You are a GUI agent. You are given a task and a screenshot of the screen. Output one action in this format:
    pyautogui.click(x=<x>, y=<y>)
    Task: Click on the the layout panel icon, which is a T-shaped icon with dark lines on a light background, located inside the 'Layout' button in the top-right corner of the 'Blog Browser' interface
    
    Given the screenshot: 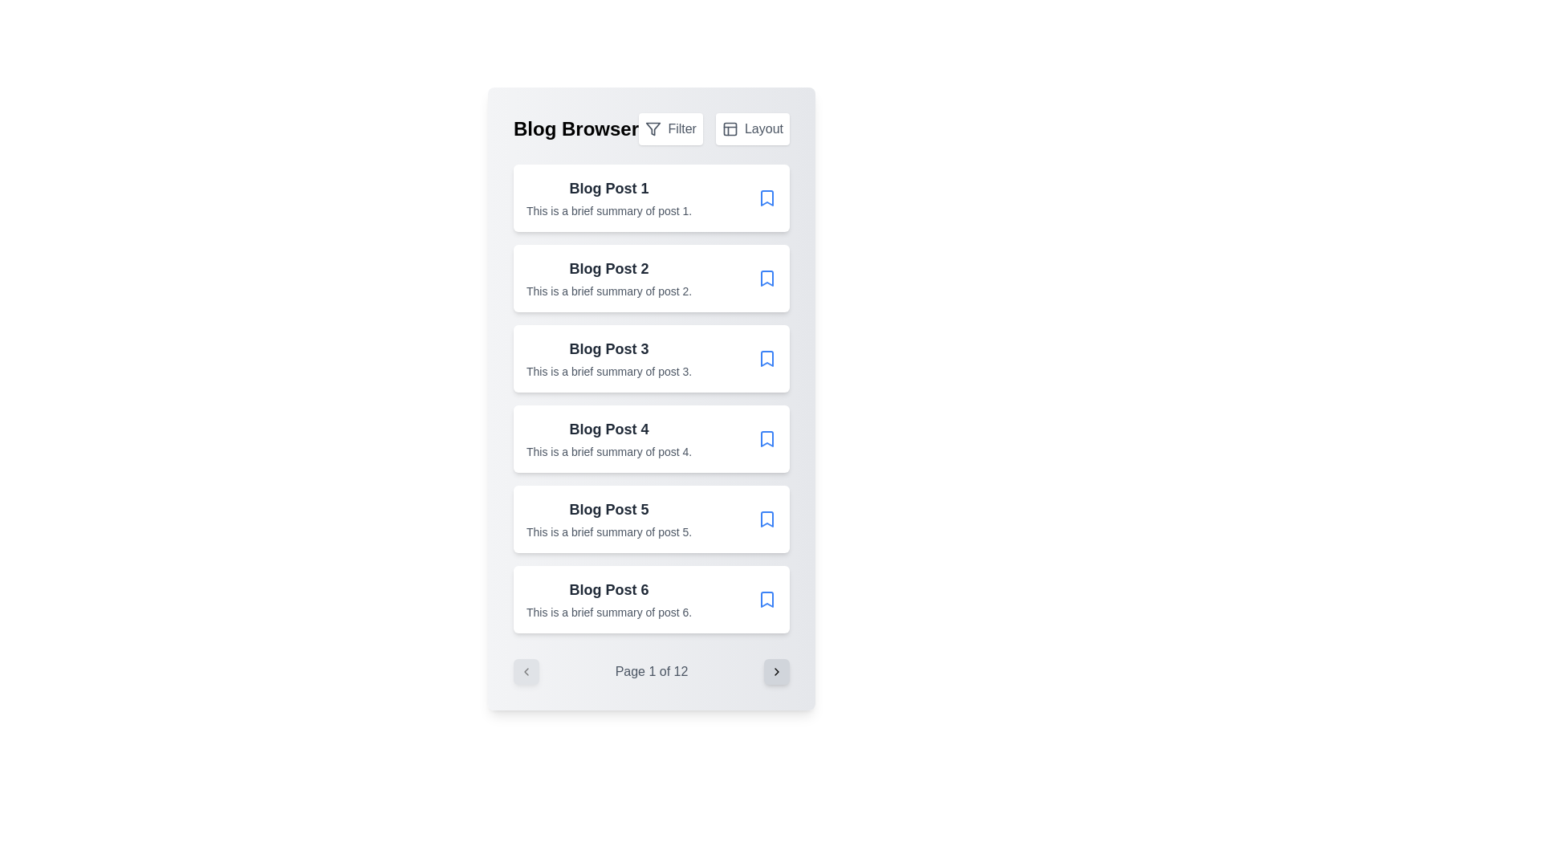 What is the action you would take?
    pyautogui.click(x=729, y=128)
    